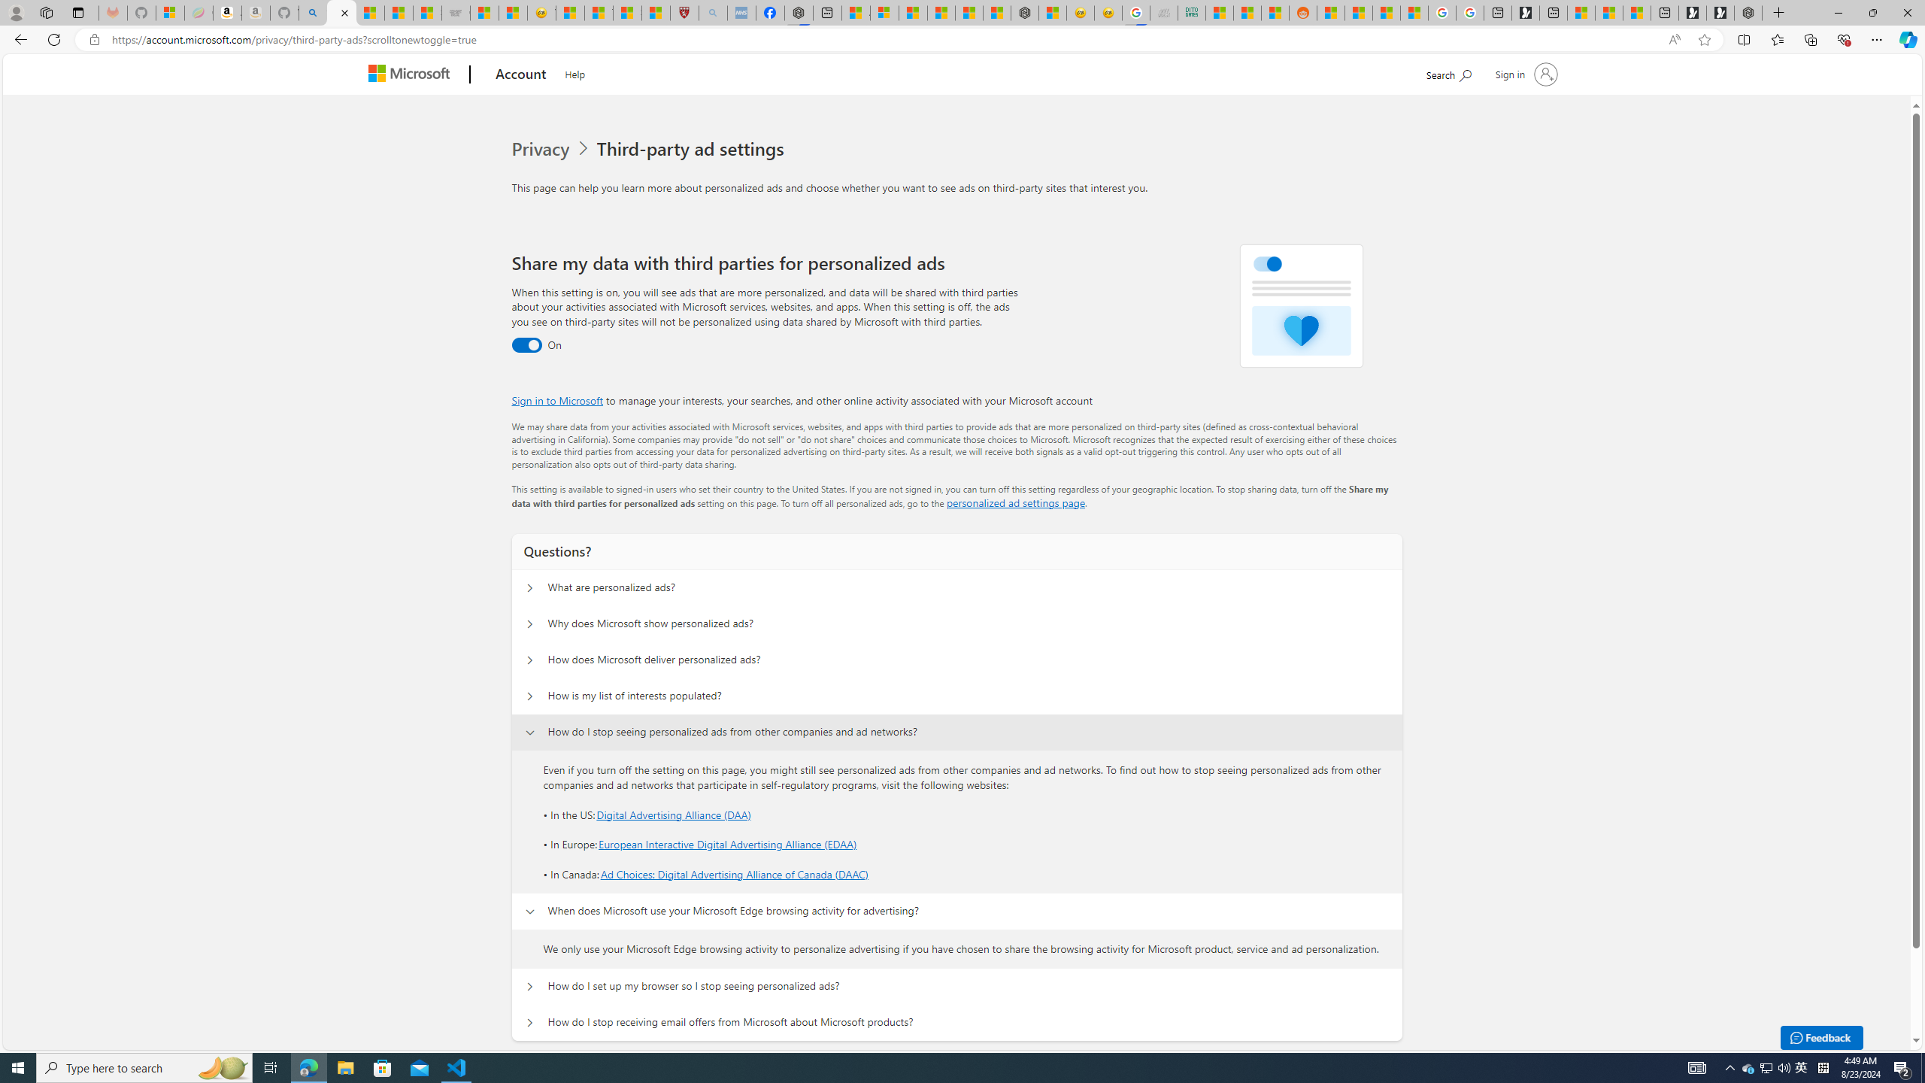 This screenshot has height=1083, width=1925. Describe the element at coordinates (1219, 12) in the screenshot. I see `'MSNBC - MSN'` at that location.